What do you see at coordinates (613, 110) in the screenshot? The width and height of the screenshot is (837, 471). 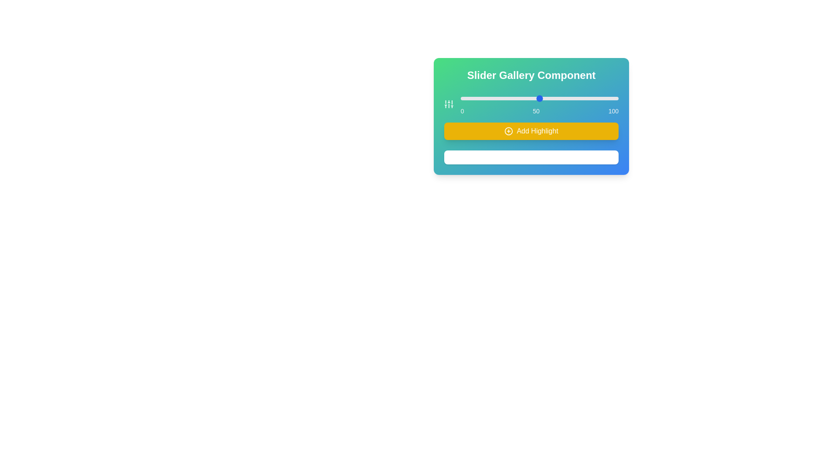 I see `the Static Label displaying the number '100', which is on the far-right end of the row of numbers ('0', '50', '100') with a white font on a blue background` at bounding box center [613, 110].